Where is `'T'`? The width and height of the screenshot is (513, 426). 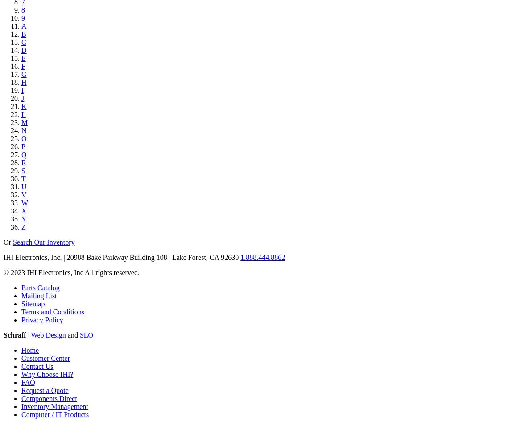 'T' is located at coordinates (23, 179).